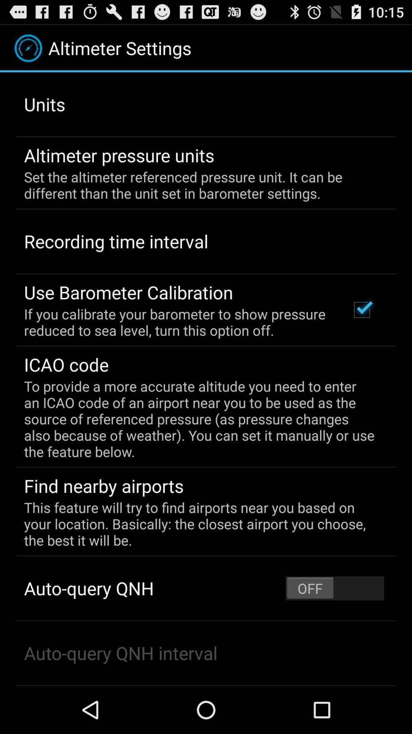 This screenshot has width=412, height=734. Describe the element at coordinates (200, 185) in the screenshot. I see `the set the altimeter item` at that location.